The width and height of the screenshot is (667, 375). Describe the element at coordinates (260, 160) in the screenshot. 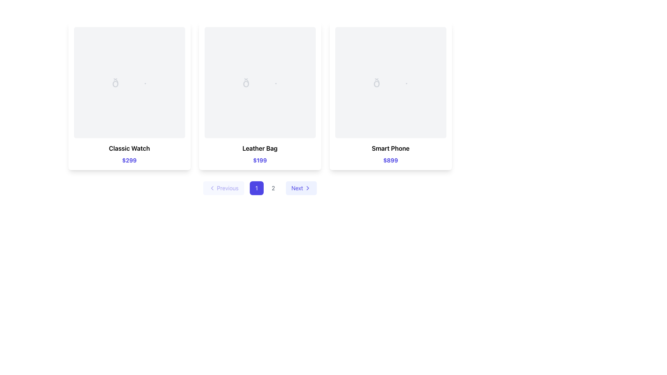

I see `the price displayed below the 'Leather Bag' text in the second product card from the left` at that location.